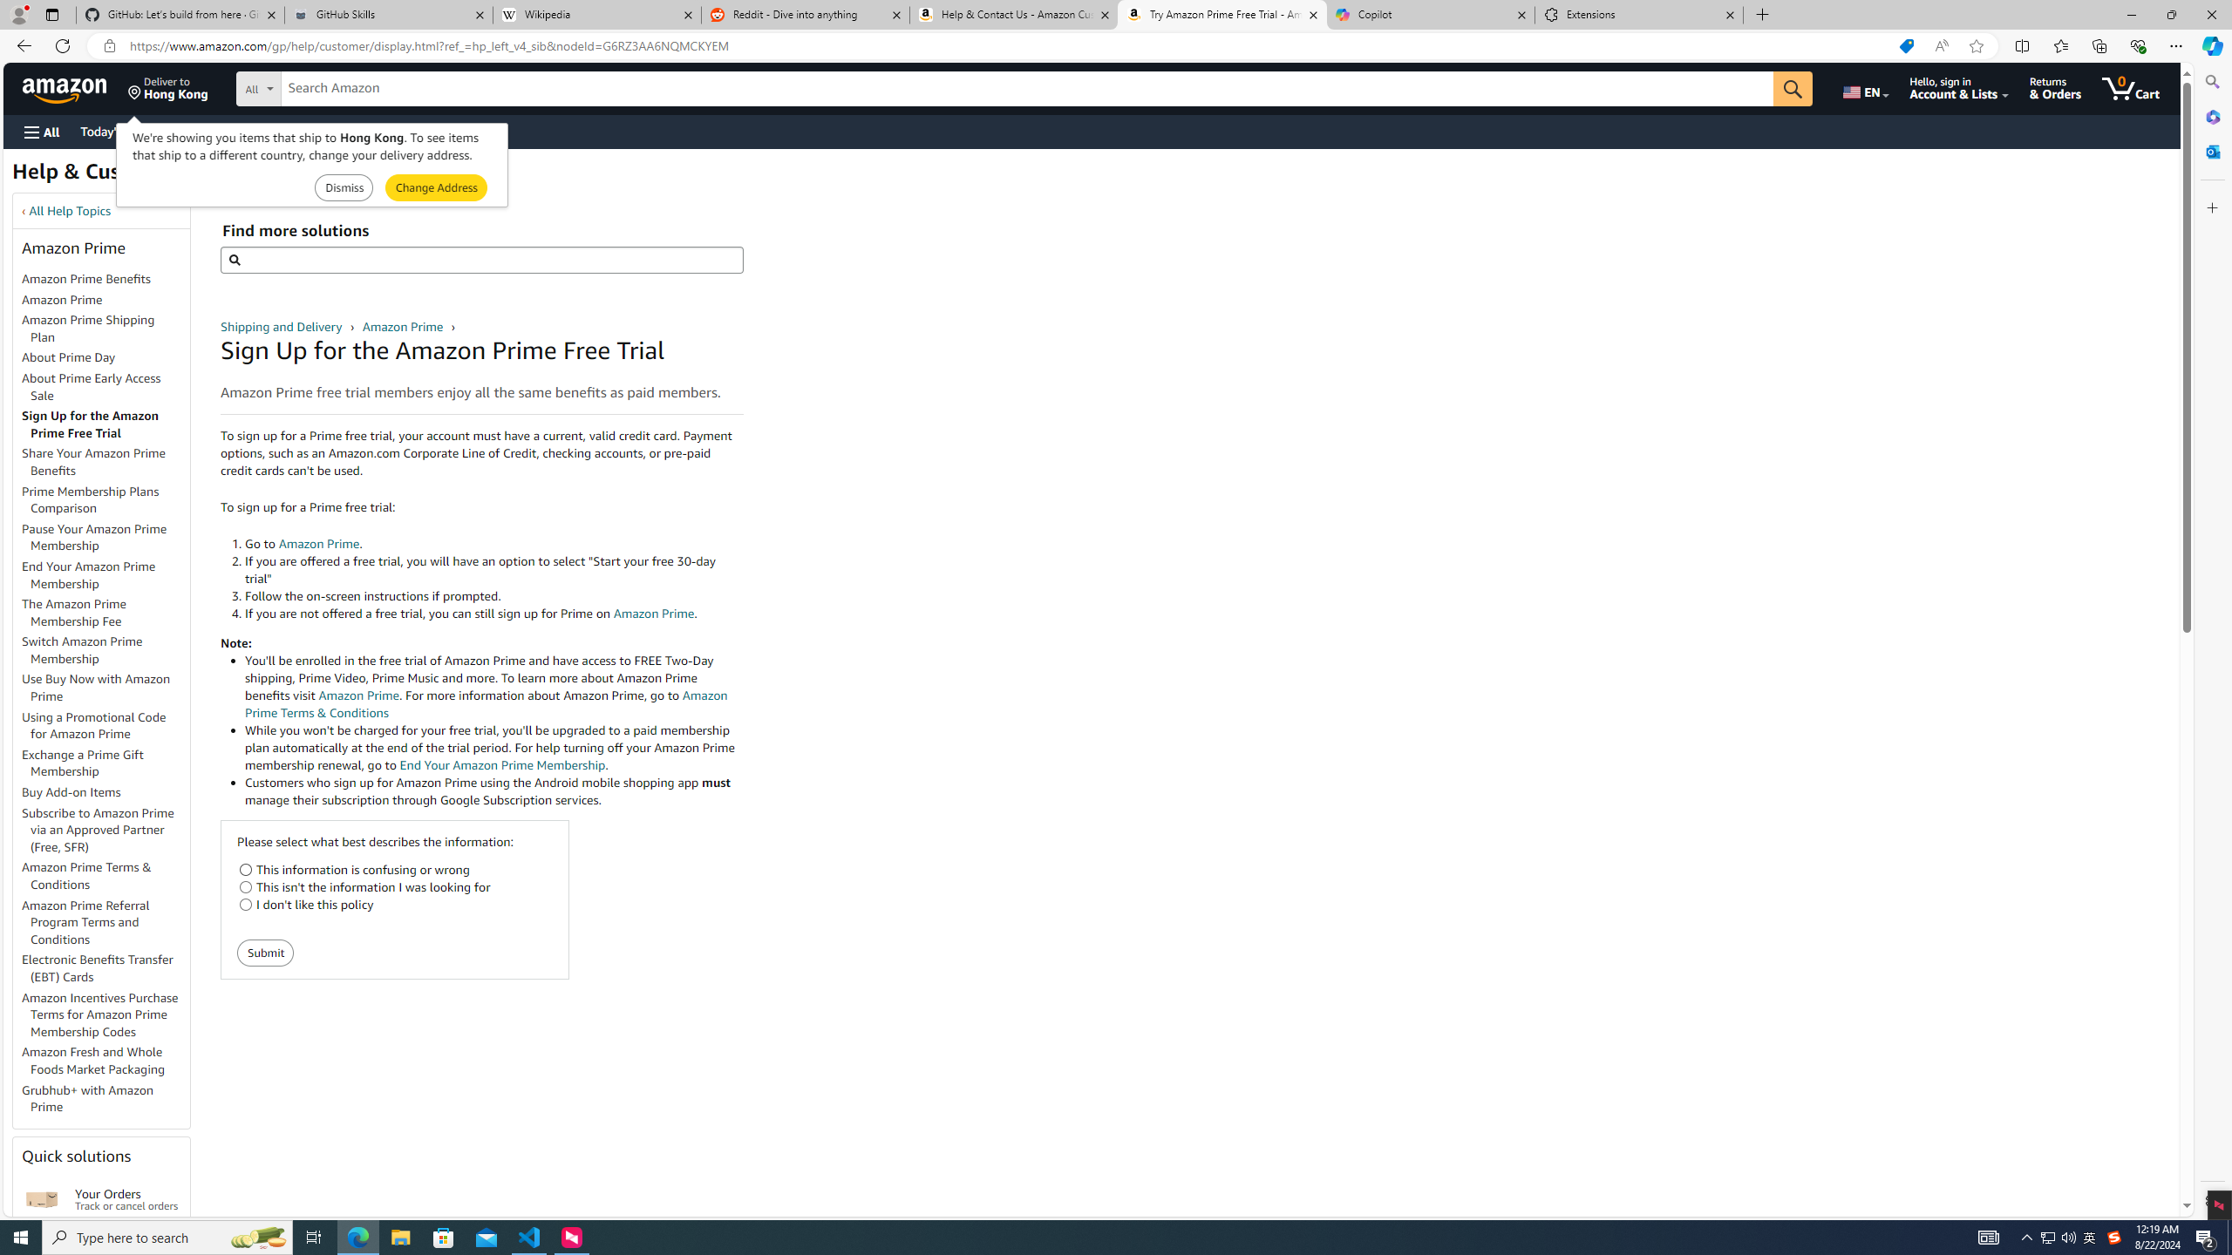  I want to click on '0 items in cart', so click(2129, 87).